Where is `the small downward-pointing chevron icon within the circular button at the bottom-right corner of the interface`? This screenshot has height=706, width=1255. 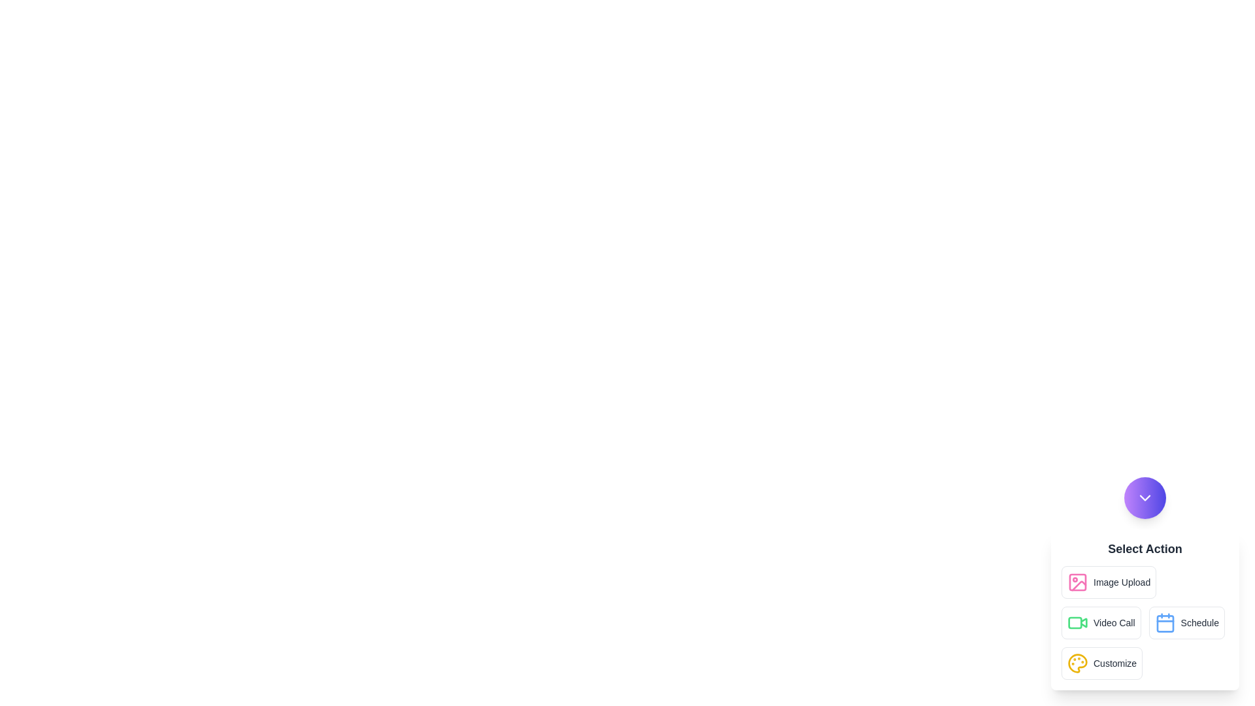 the small downward-pointing chevron icon within the circular button at the bottom-right corner of the interface is located at coordinates (1145, 498).